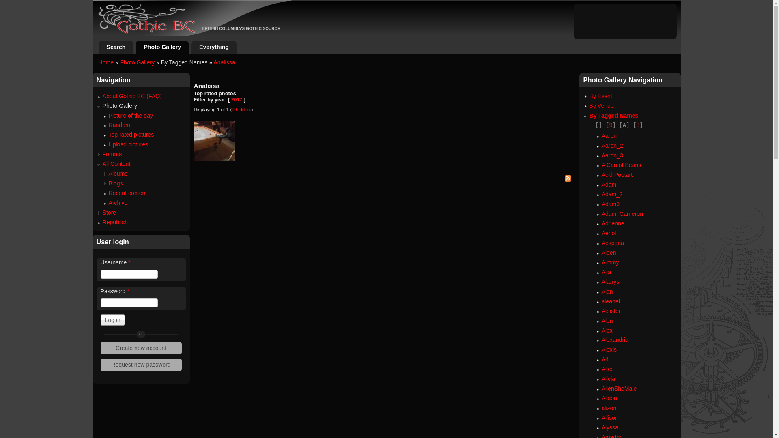 This screenshot has height=438, width=779. I want to click on 'Search', so click(102, 47).